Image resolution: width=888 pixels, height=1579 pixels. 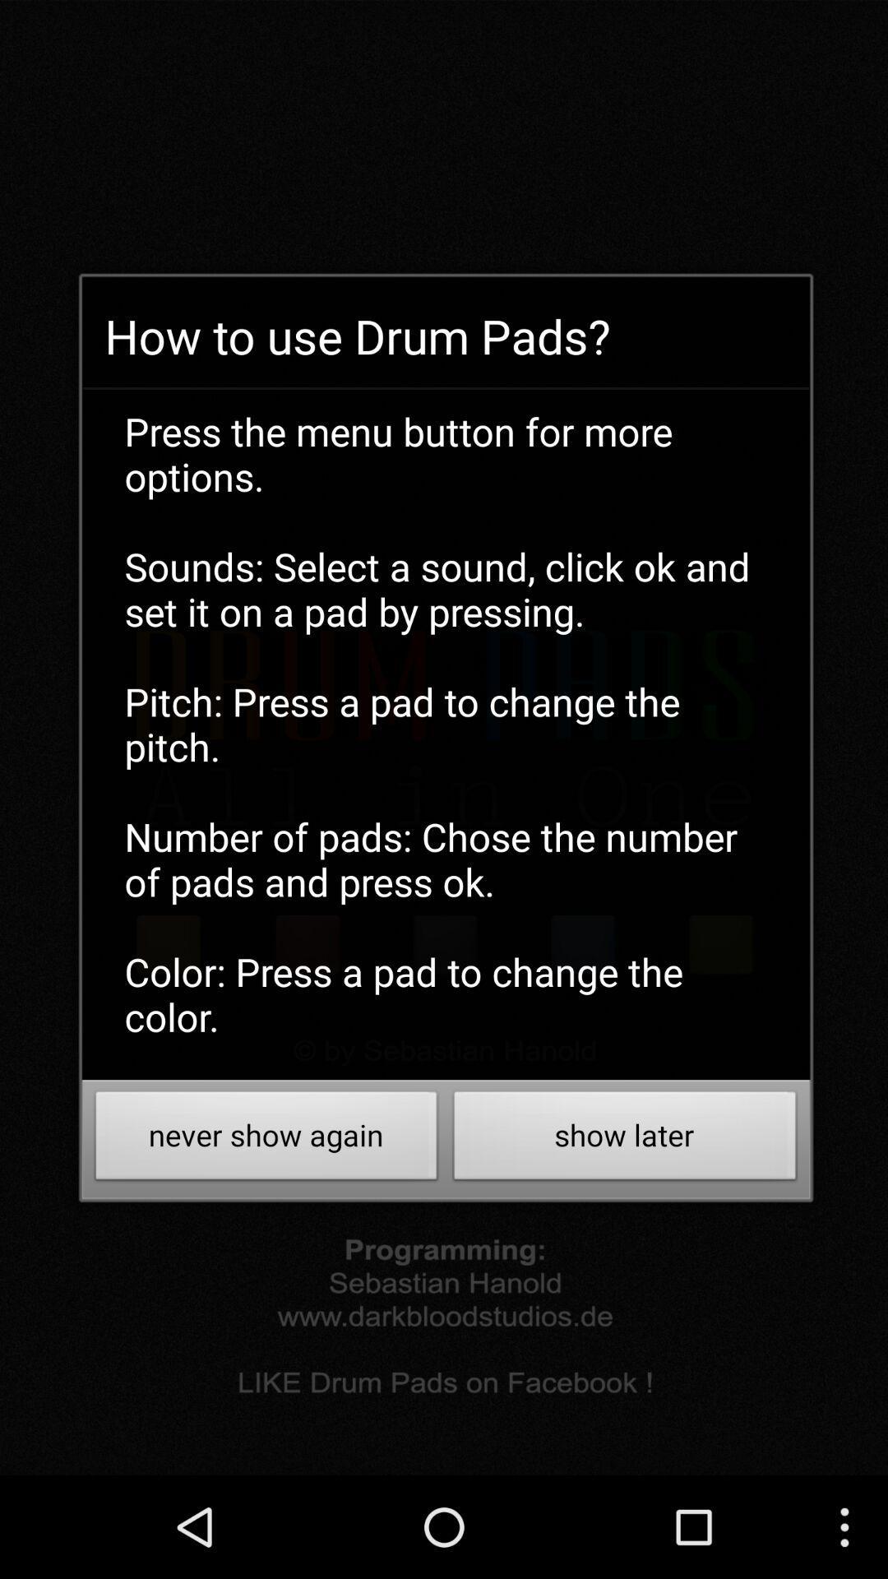 What do you see at coordinates (625, 1139) in the screenshot?
I see `app below press the menu` at bounding box center [625, 1139].